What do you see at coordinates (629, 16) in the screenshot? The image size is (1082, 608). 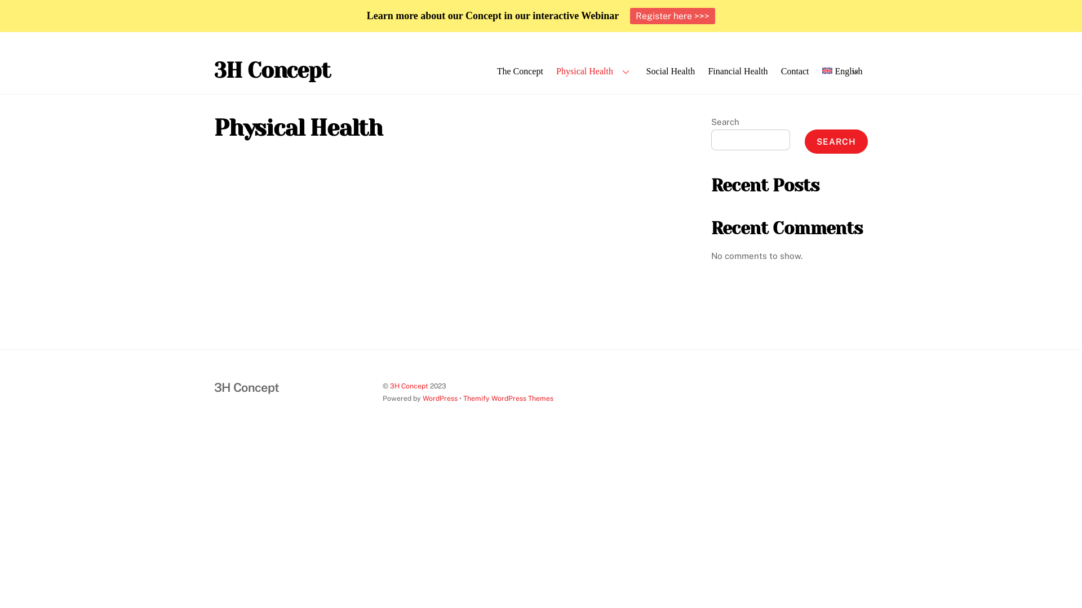 I see `'Register here >>>'` at bounding box center [629, 16].